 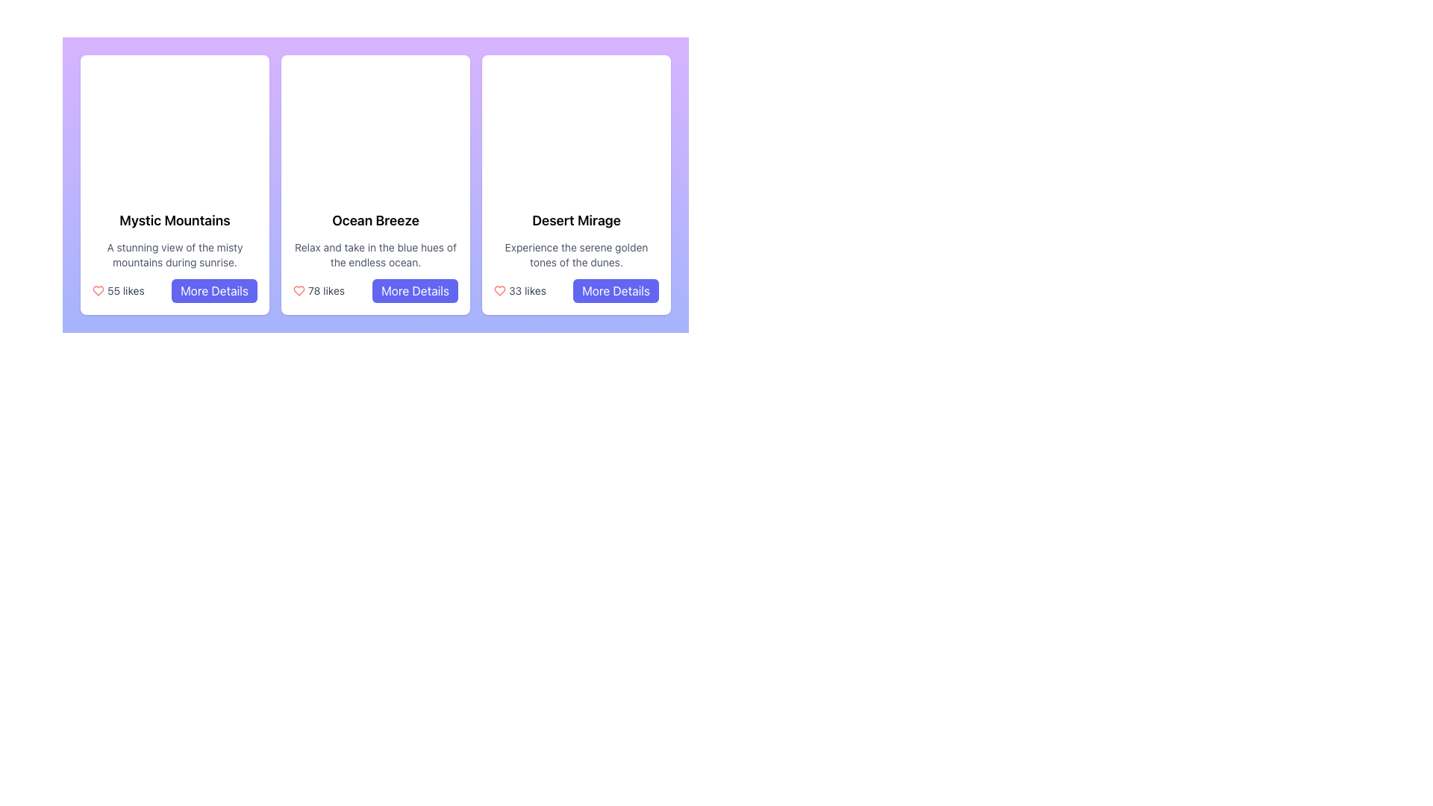 What do you see at coordinates (500, 290) in the screenshot?
I see `the heart-shaped like icon located below the title 'Ocean Breeze', the second heart icon from the left, indicating a favorite feature` at bounding box center [500, 290].